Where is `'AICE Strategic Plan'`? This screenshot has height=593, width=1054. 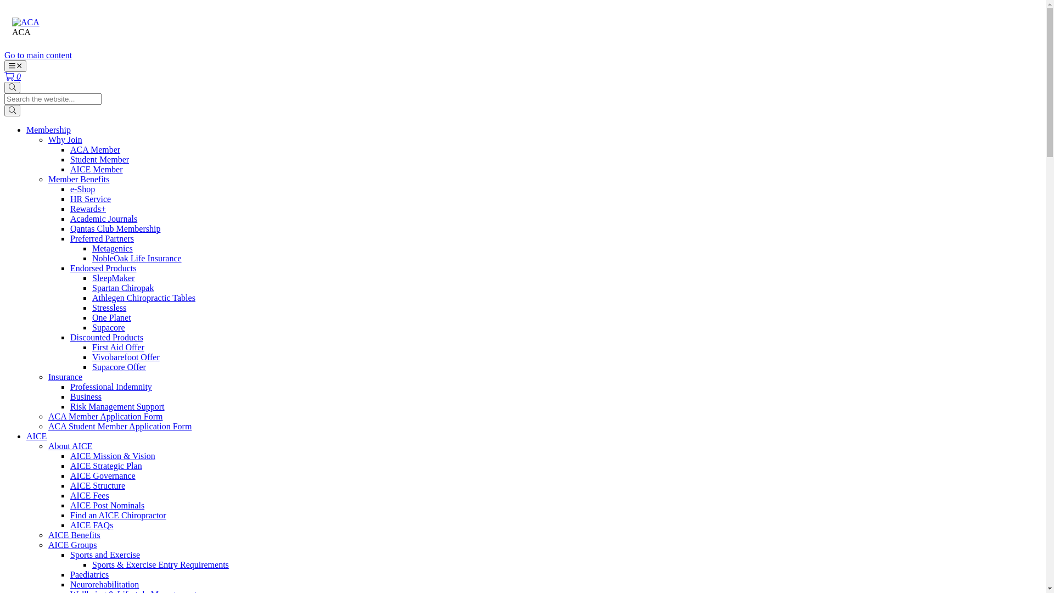
'AICE Strategic Plan' is located at coordinates (70, 466).